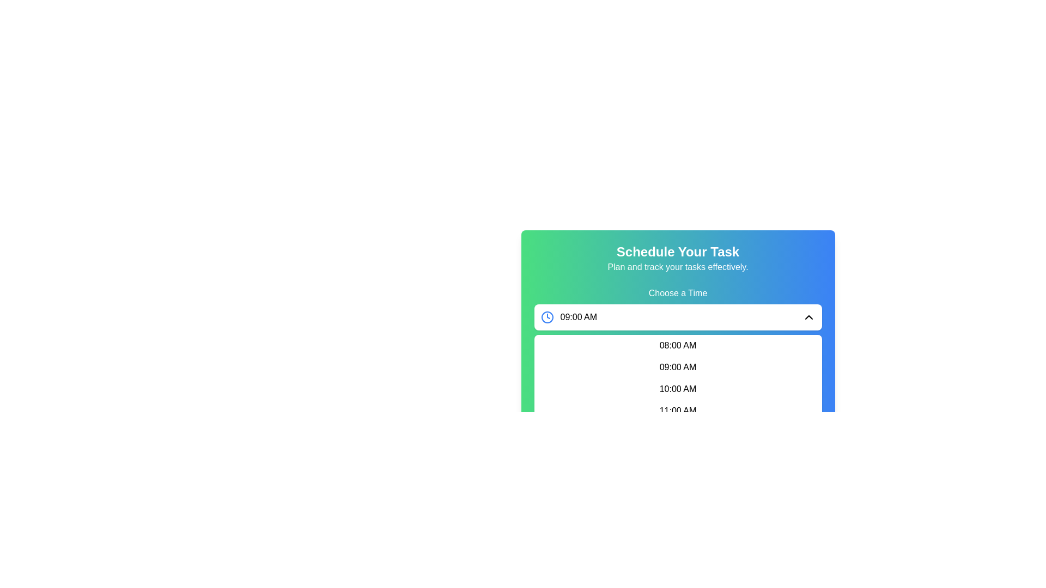  Describe the element at coordinates (547, 317) in the screenshot. I see `the SVG circle element that represents the clock face in the scheduling UI` at that location.